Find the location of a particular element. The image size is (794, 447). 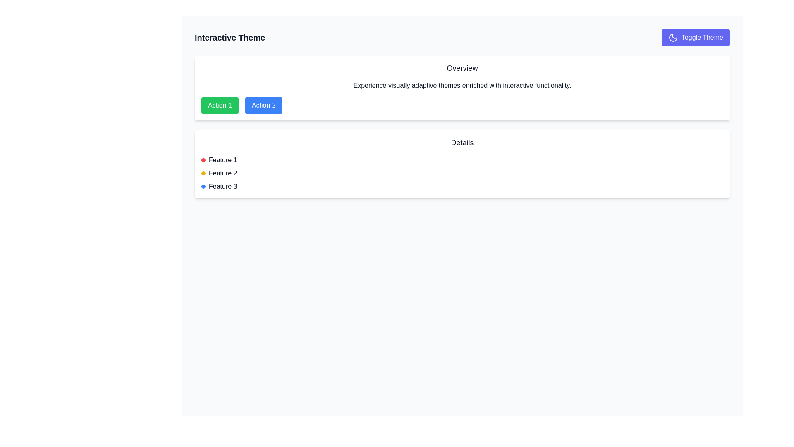

the 'Toggle Theme' button located in the top-right corner of the interface, which contains a crescent moon SVG icon styled with a stroke and no fill is located at coordinates (673, 38).